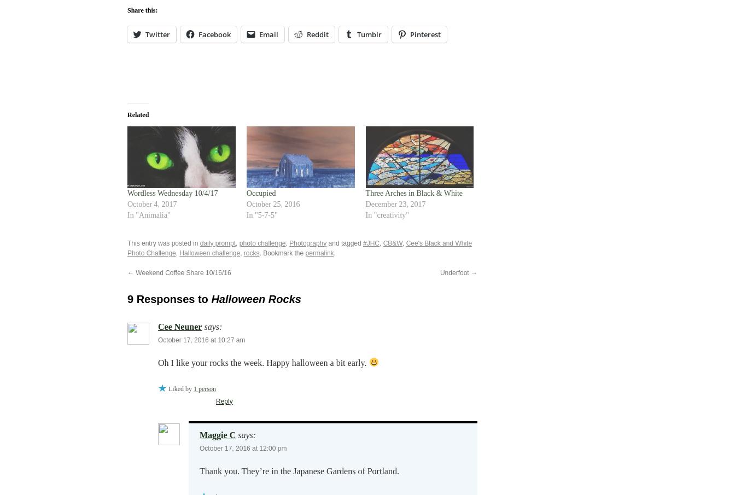  Describe the element at coordinates (127, 242) in the screenshot. I see `'This entry was posted in'` at that location.